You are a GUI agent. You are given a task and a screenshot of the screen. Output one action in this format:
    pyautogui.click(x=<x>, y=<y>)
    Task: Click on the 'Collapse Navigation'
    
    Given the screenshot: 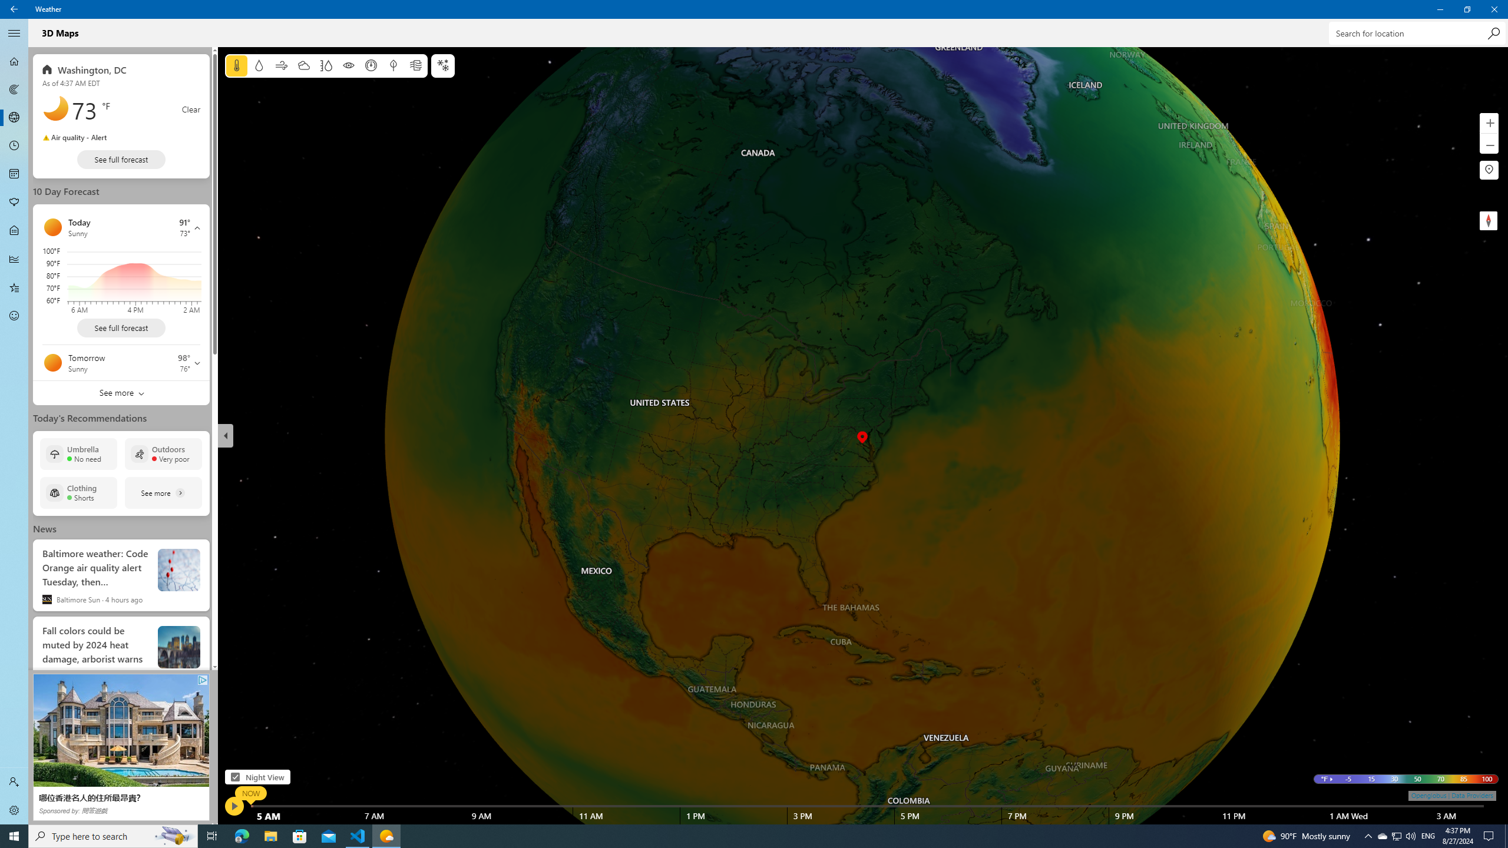 What is the action you would take?
    pyautogui.click(x=14, y=32)
    